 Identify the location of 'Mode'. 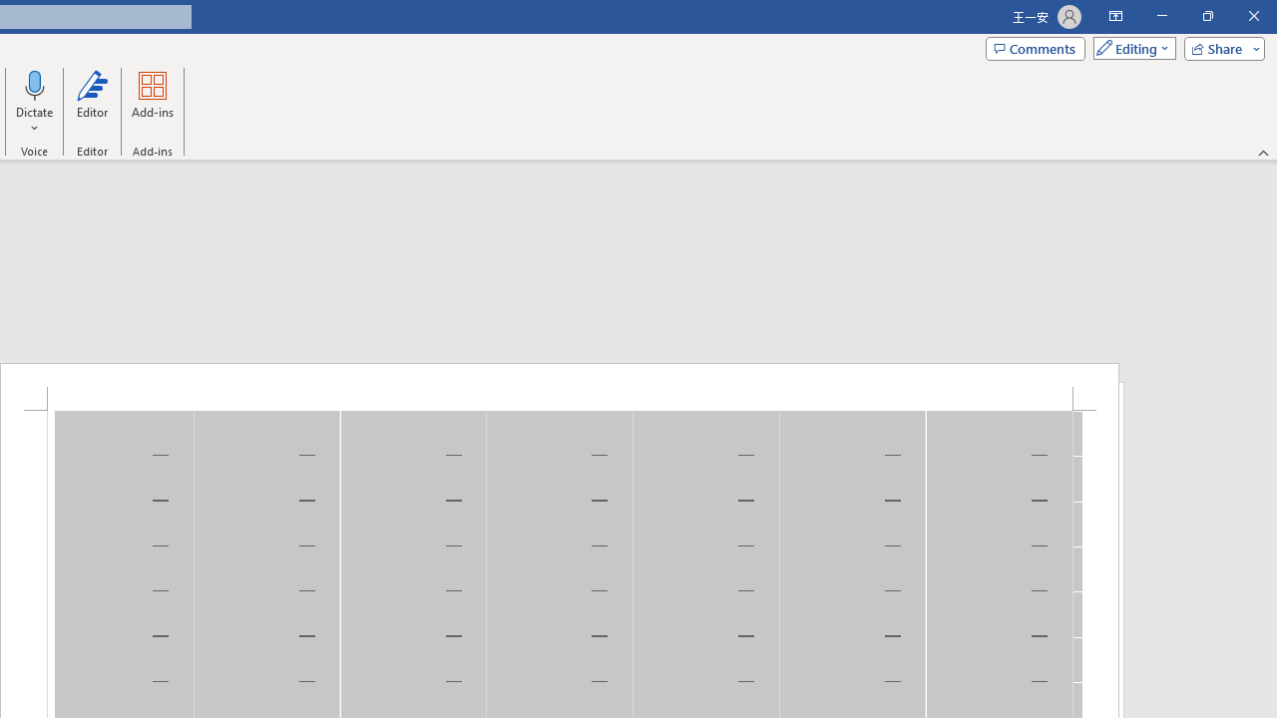
(1130, 47).